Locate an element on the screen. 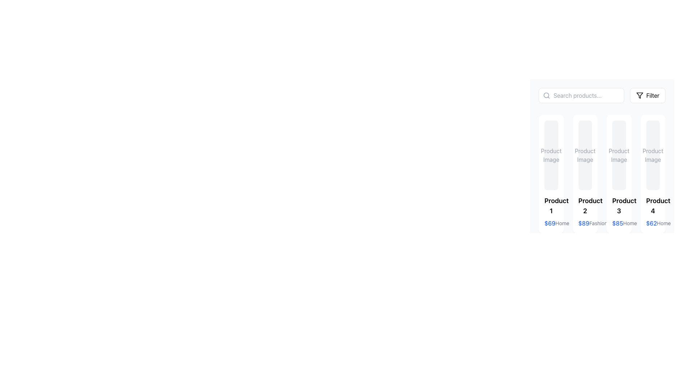 The image size is (696, 391). the text label displaying 'Home' in a smaller, gray font, which is located directly to the right of the price '$69' and below 'Product 1' is located at coordinates (562, 223).